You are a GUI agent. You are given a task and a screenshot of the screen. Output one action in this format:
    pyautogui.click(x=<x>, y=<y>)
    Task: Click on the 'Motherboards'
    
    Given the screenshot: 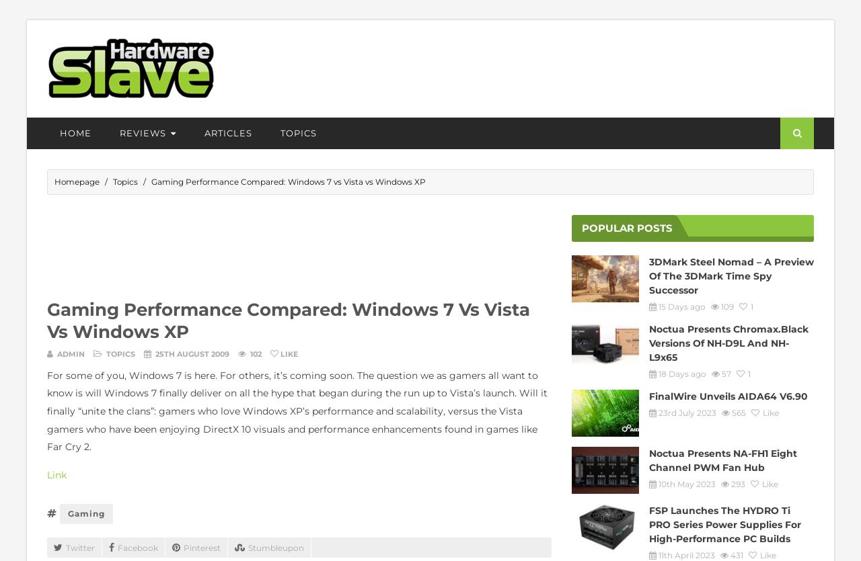 What is the action you would take?
    pyautogui.click(x=152, y=267)
    